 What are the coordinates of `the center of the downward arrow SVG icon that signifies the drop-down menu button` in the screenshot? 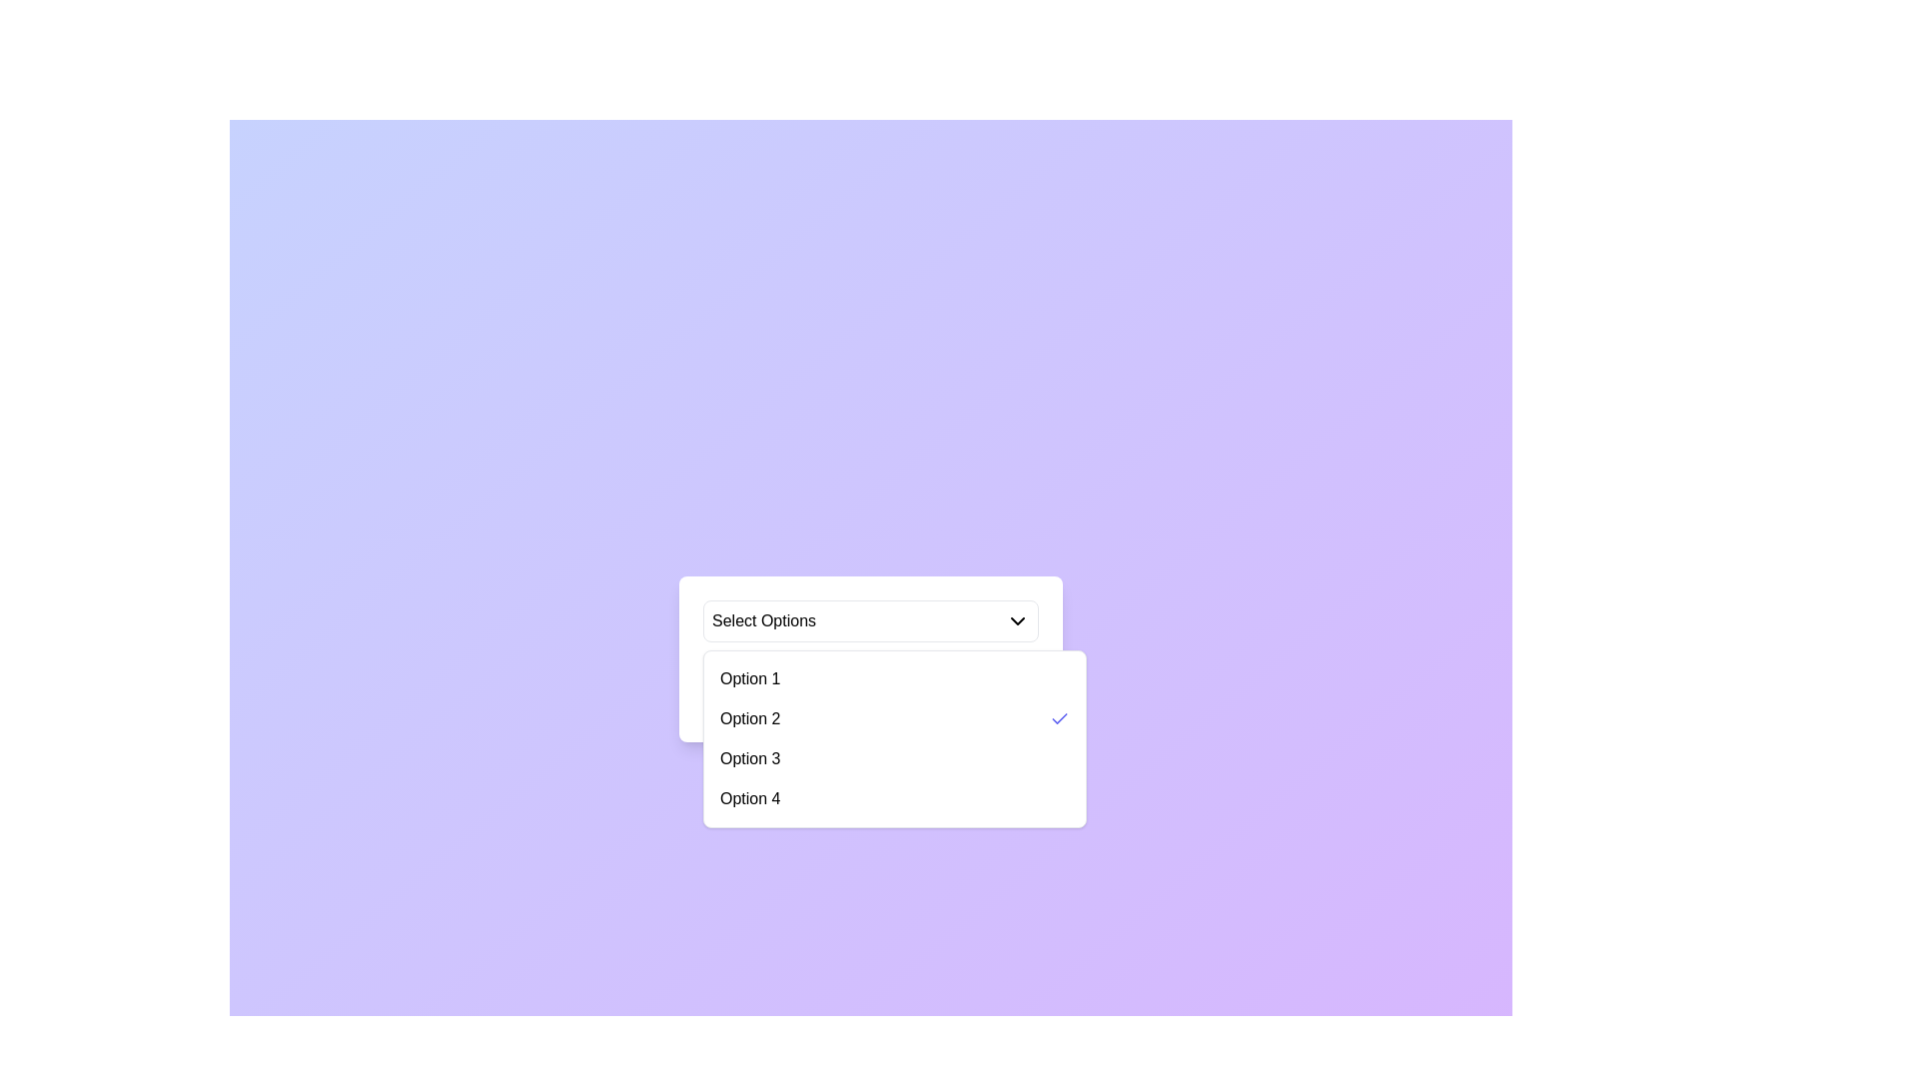 It's located at (1017, 619).